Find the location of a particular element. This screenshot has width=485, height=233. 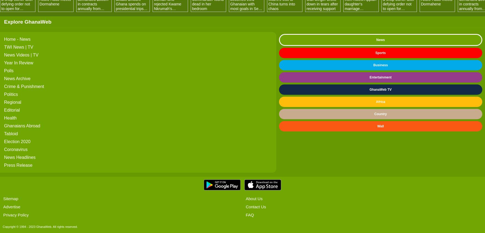

'Health' is located at coordinates (10, 118).